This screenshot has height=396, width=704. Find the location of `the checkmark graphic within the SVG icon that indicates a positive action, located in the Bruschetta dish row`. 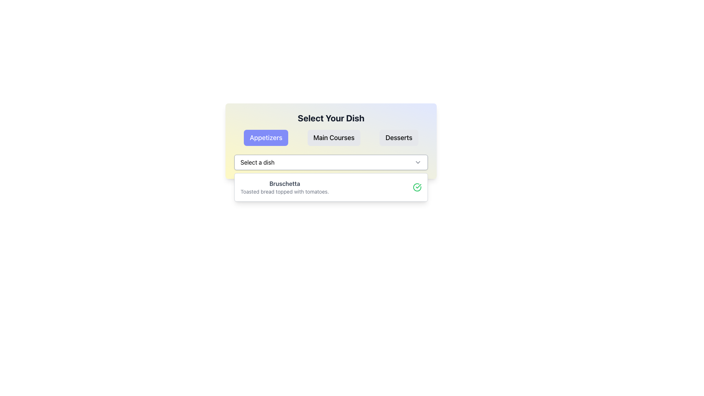

the checkmark graphic within the SVG icon that indicates a positive action, located in the Bruschetta dish row is located at coordinates (418, 186).